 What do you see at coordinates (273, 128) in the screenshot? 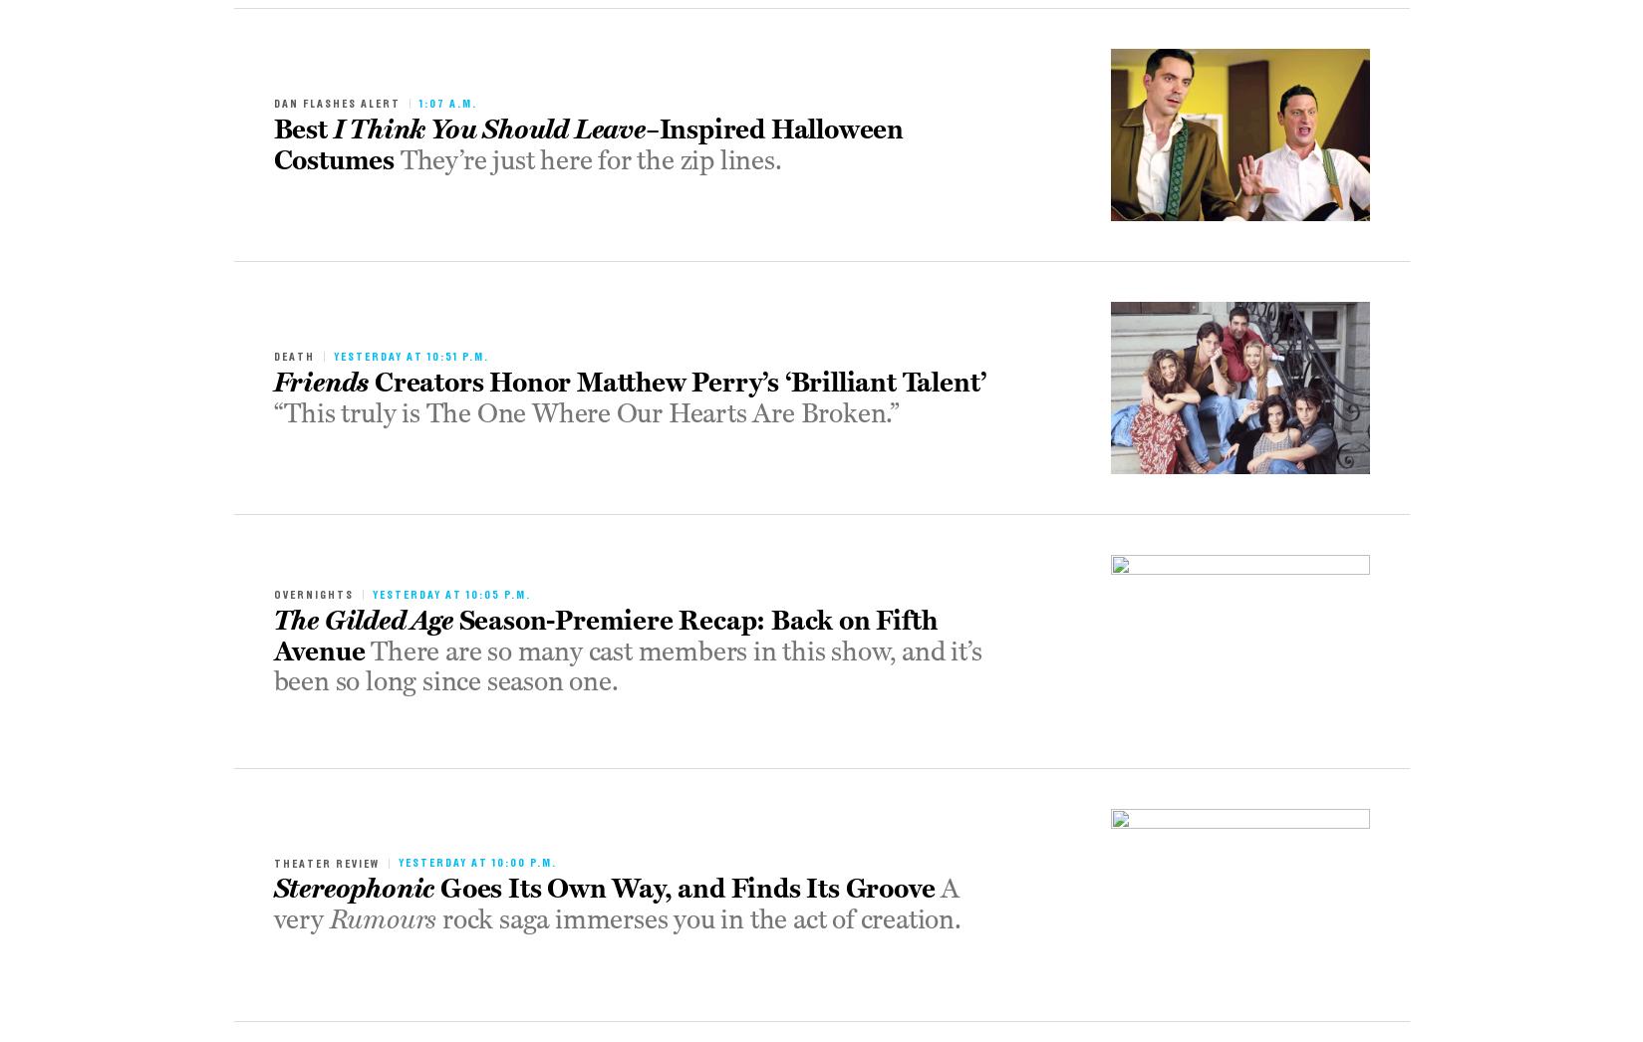
I see `'Best'` at bounding box center [273, 128].